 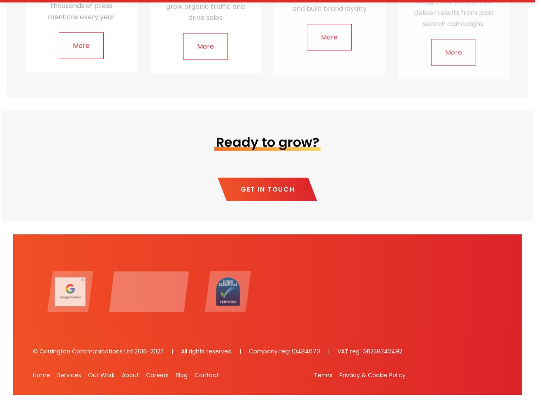 I want to click on 'Get in touch', so click(x=267, y=189).